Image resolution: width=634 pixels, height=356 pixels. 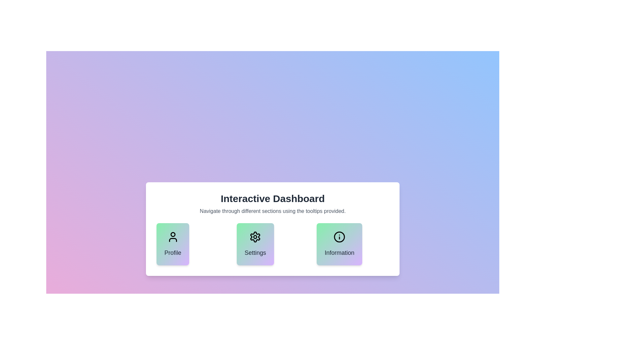 What do you see at coordinates (255, 244) in the screenshot?
I see `the 'Settings' button, which is a rectangular button with rounded corners, featuring a gradient background from green to purple and a settings gear icon above the text 'Settings'` at bounding box center [255, 244].